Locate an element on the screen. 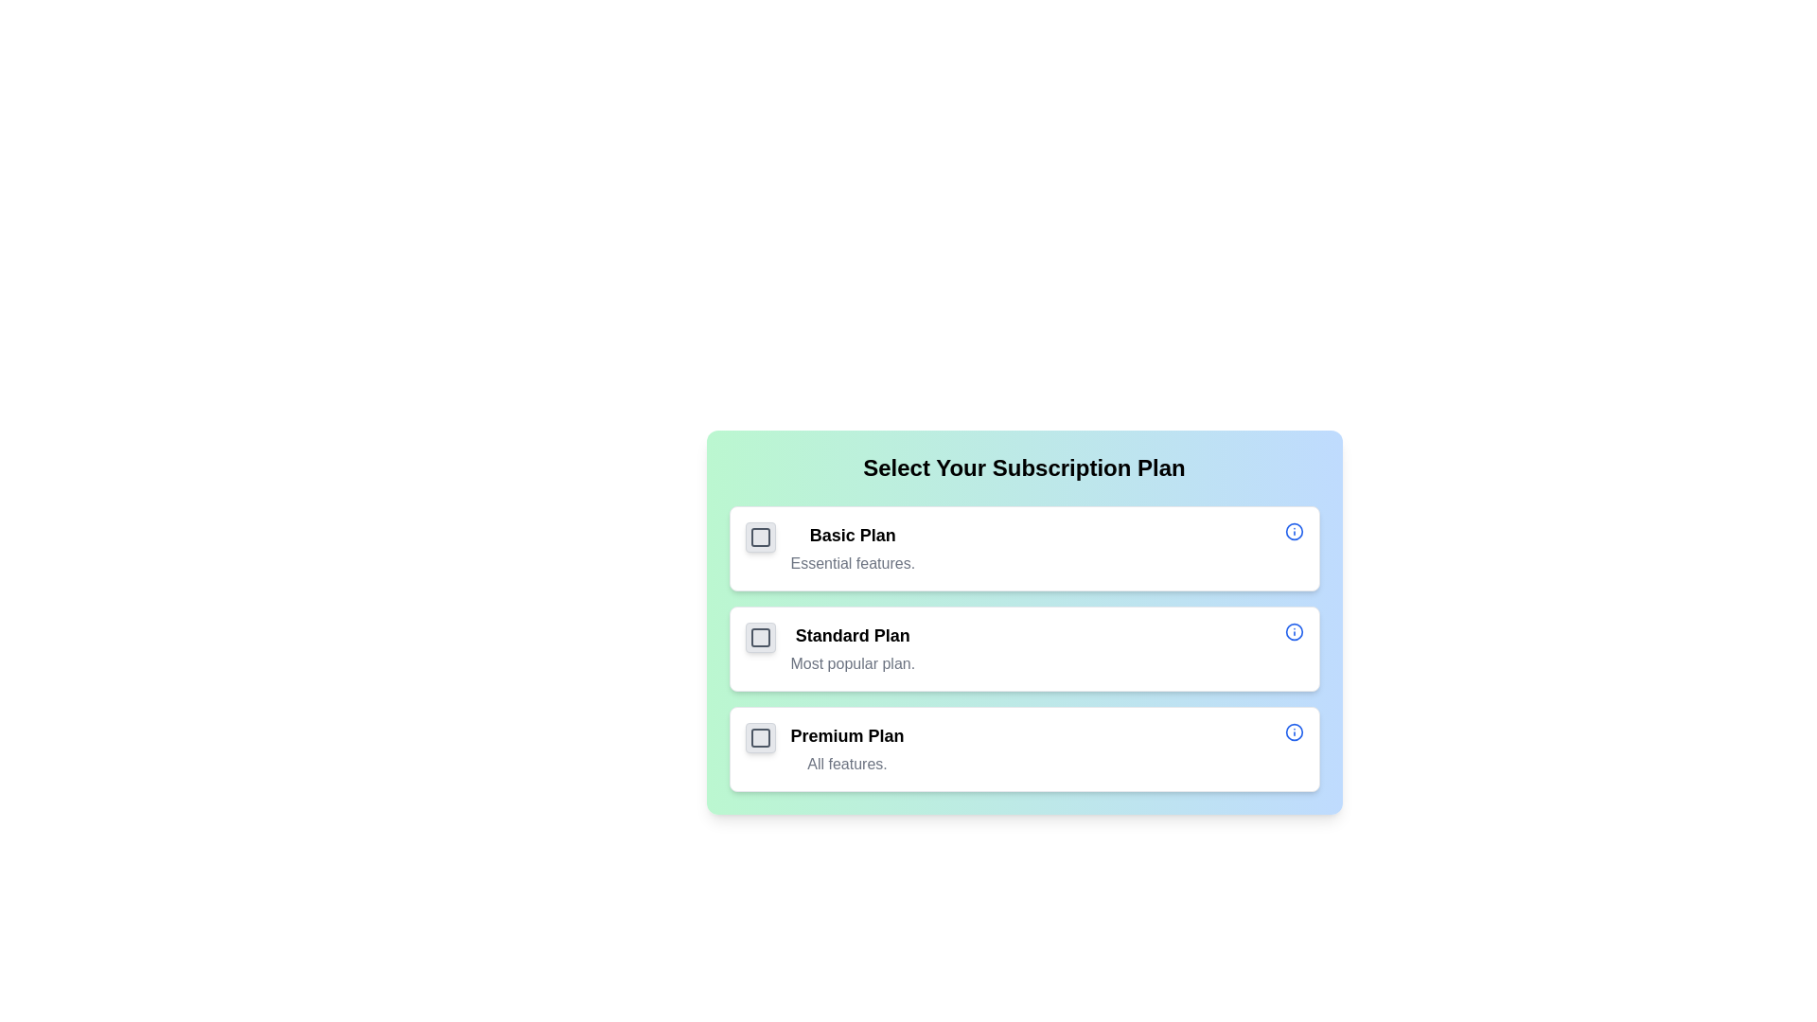  the outermost circular SVG shape located on the right side of the 'Basic Plan' option card in the subscription selection interface is located at coordinates (1293, 532).